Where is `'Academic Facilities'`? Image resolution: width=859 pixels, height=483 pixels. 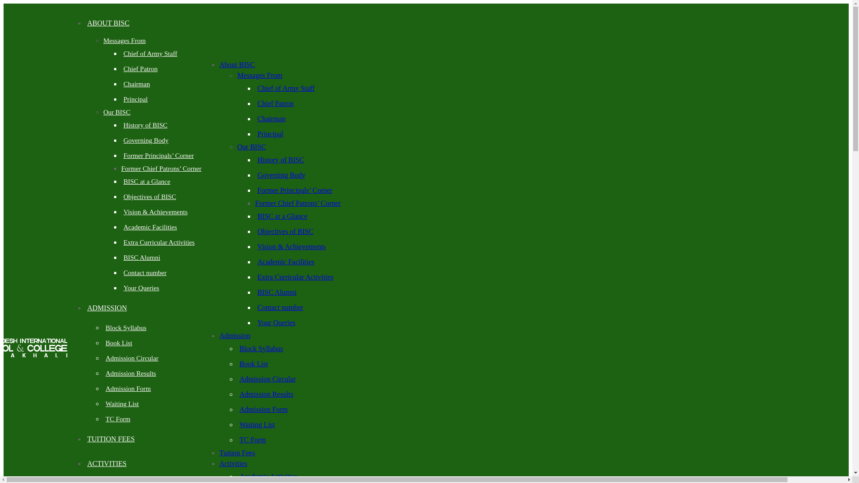 'Academic Facilities' is located at coordinates (257, 261).